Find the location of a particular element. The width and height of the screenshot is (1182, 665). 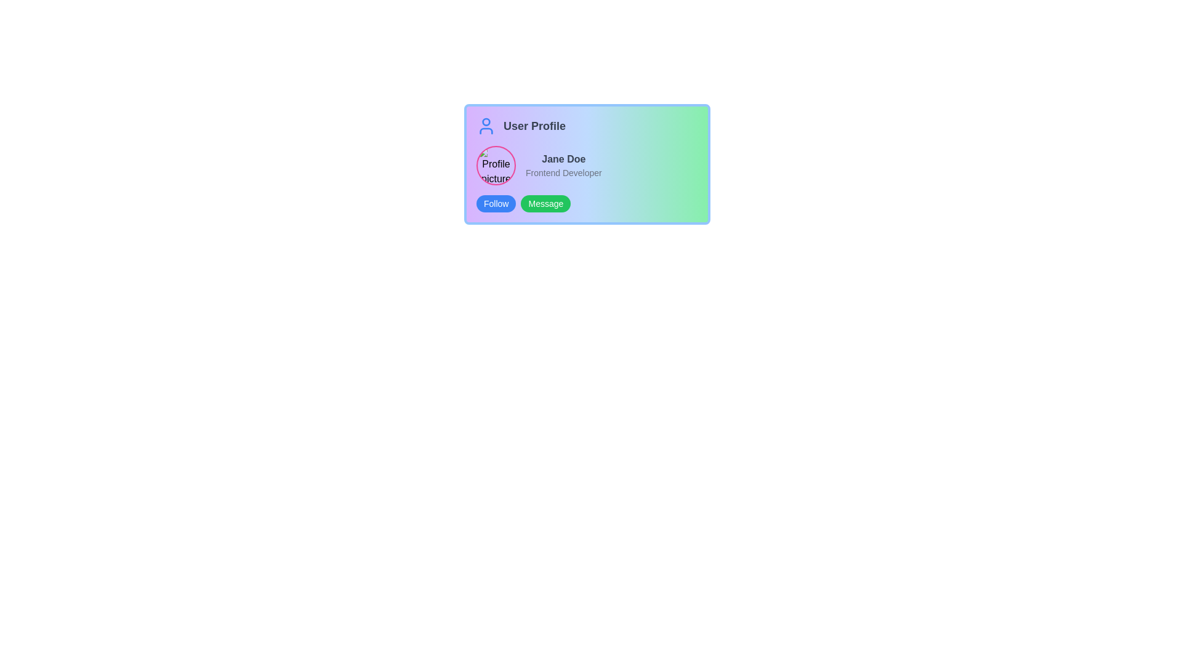

the 'Message' button located to the right of the 'Follow' button in the user profile card is located at coordinates (545, 203).